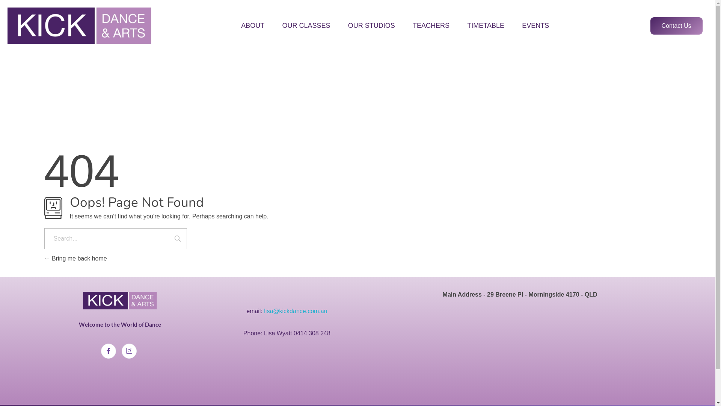  What do you see at coordinates (676, 26) in the screenshot?
I see `'Contact Us'` at bounding box center [676, 26].